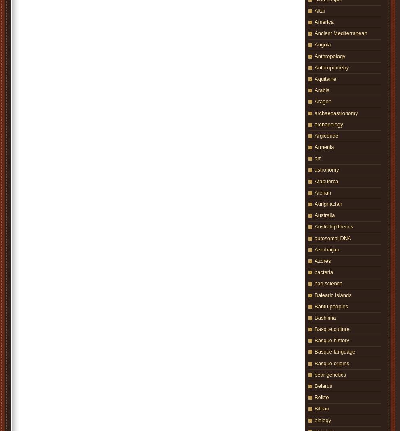 This screenshot has width=400, height=431. Describe the element at coordinates (314, 340) in the screenshot. I see `'Basque history'` at that location.